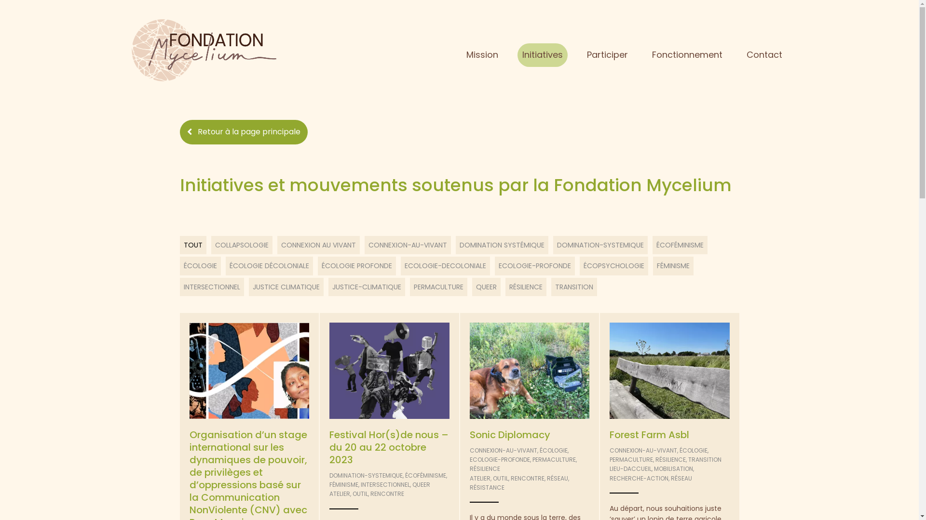 Image resolution: width=926 pixels, height=520 pixels. Describe the element at coordinates (203, 50) in the screenshot. I see `'Mycelium-Logo_72dpi'` at that location.